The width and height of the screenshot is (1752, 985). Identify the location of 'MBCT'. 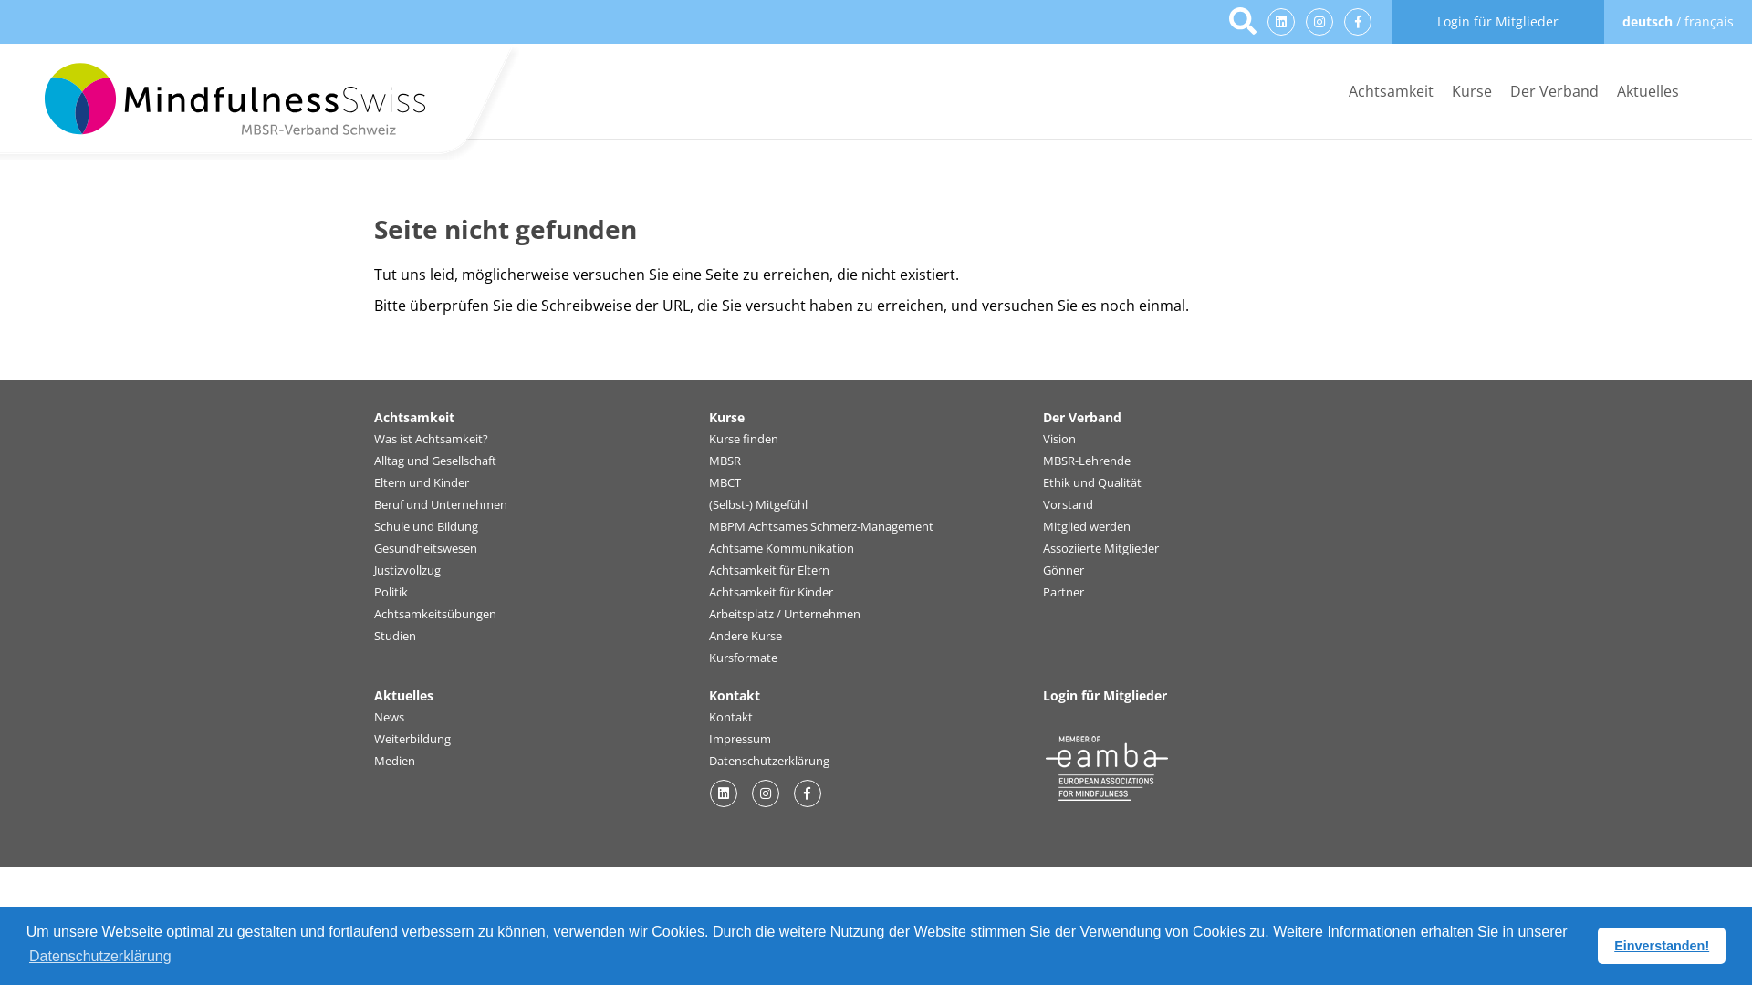
(724, 482).